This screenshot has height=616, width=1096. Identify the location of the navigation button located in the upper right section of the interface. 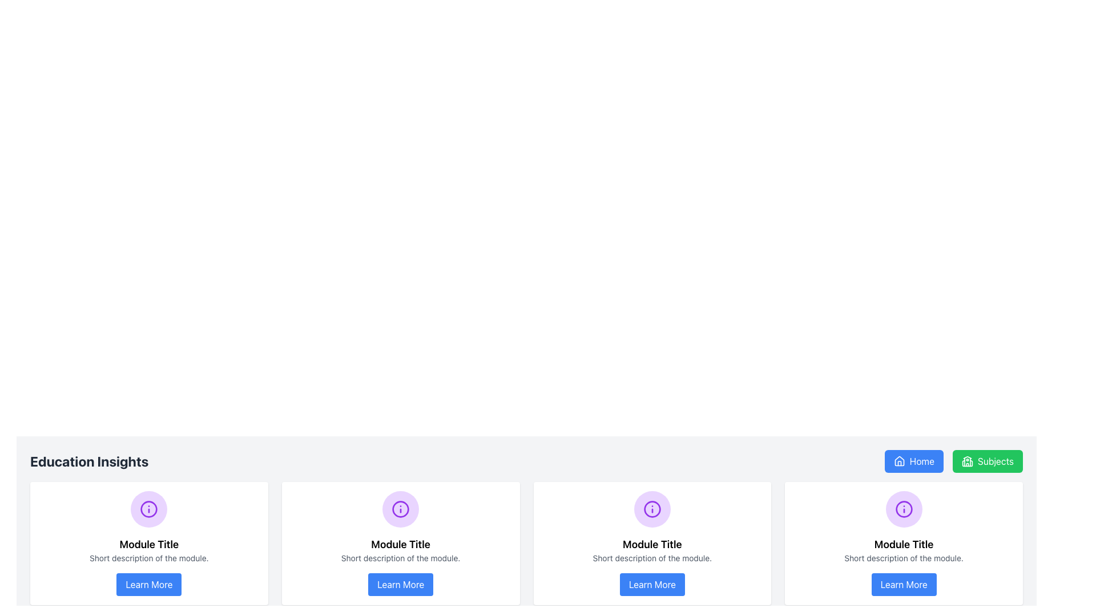
(914, 461).